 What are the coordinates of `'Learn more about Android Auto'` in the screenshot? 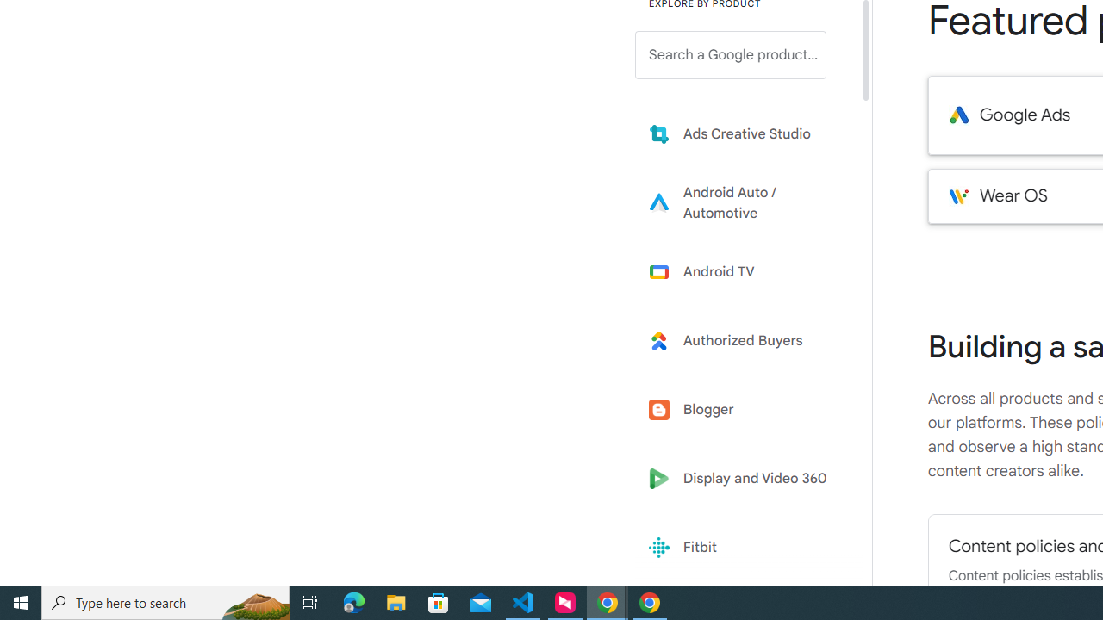 It's located at (743, 201).